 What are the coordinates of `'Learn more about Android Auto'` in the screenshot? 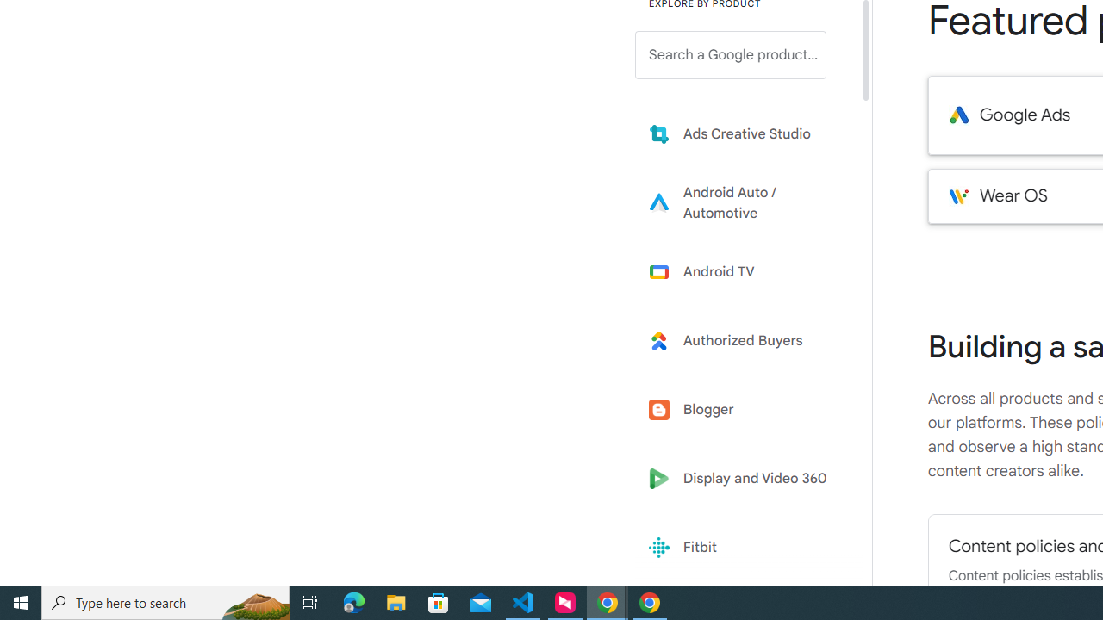 It's located at (743, 201).